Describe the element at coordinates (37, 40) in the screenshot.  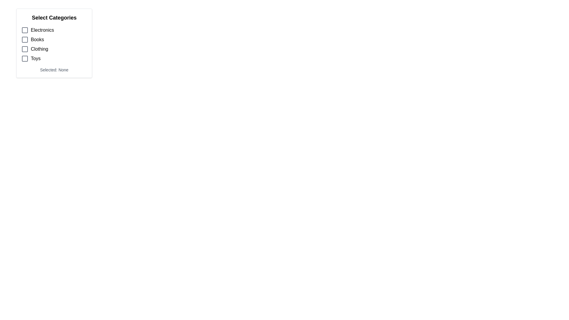
I see `the 'Books' category text label, which is located between 'Electronics' and 'Clothing' in the category selection options` at that location.